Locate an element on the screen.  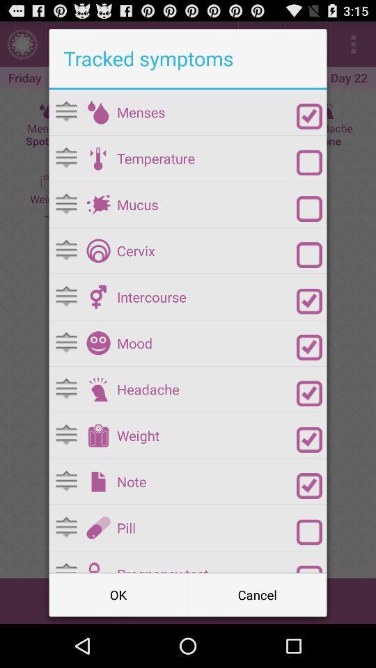
this use select items is located at coordinates (309, 532).